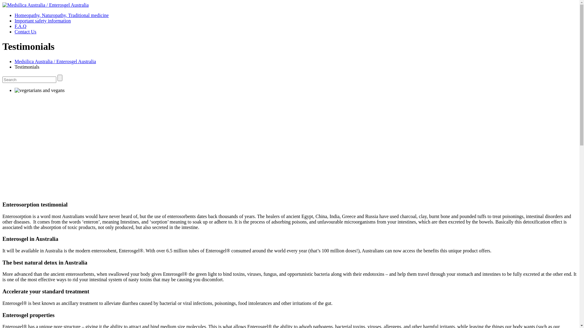 Image resolution: width=584 pixels, height=328 pixels. I want to click on 'Homeopathy, Naturopathy, Traditional medicine', so click(61, 15).